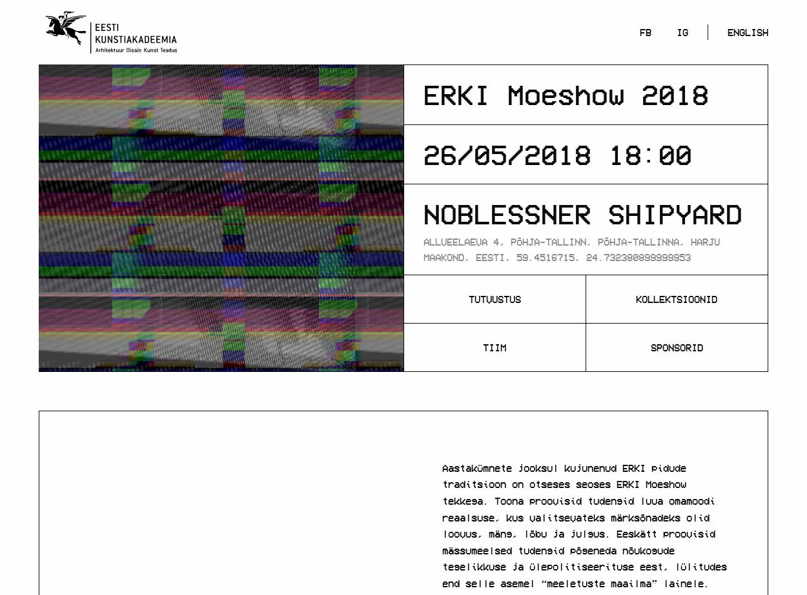 This screenshot has height=595, width=807. Describe the element at coordinates (571, 248) in the screenshot. I see `'Allveelaeva 4, Põhja-Tallinn, Põhja-Tallinna, Harju maakond, Eesti, 59.4516715, 24.732380899999953'` at that location.